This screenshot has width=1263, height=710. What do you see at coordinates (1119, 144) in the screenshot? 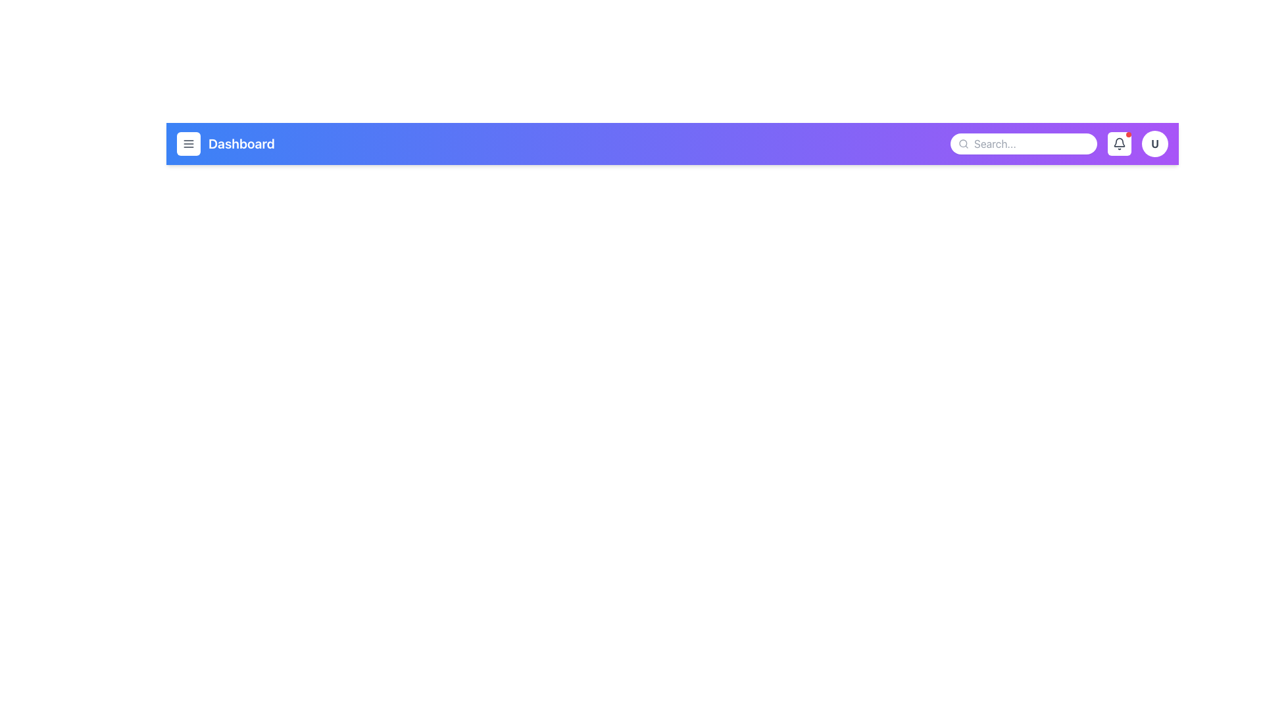
I see `the notification bell icon located in the top-right section of the page header for accessibility` at bounding box center [1119, 144].